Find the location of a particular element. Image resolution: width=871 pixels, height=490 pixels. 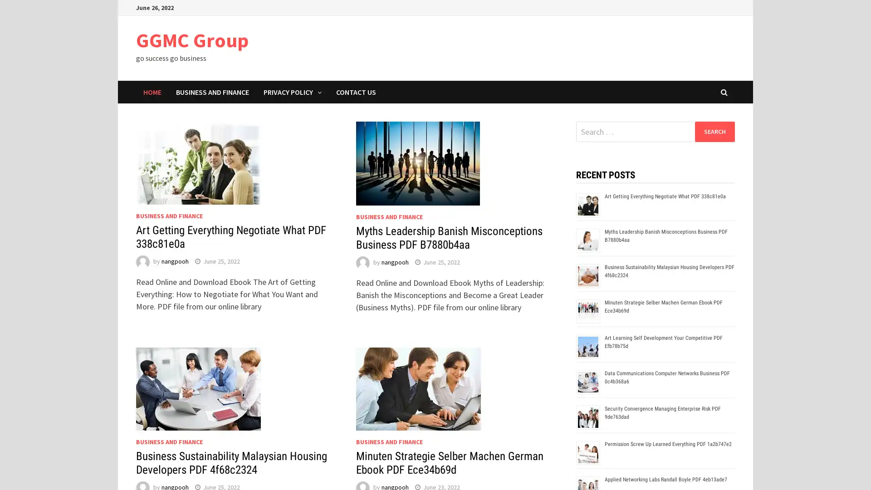

Search is located at coordinates (714, 131).